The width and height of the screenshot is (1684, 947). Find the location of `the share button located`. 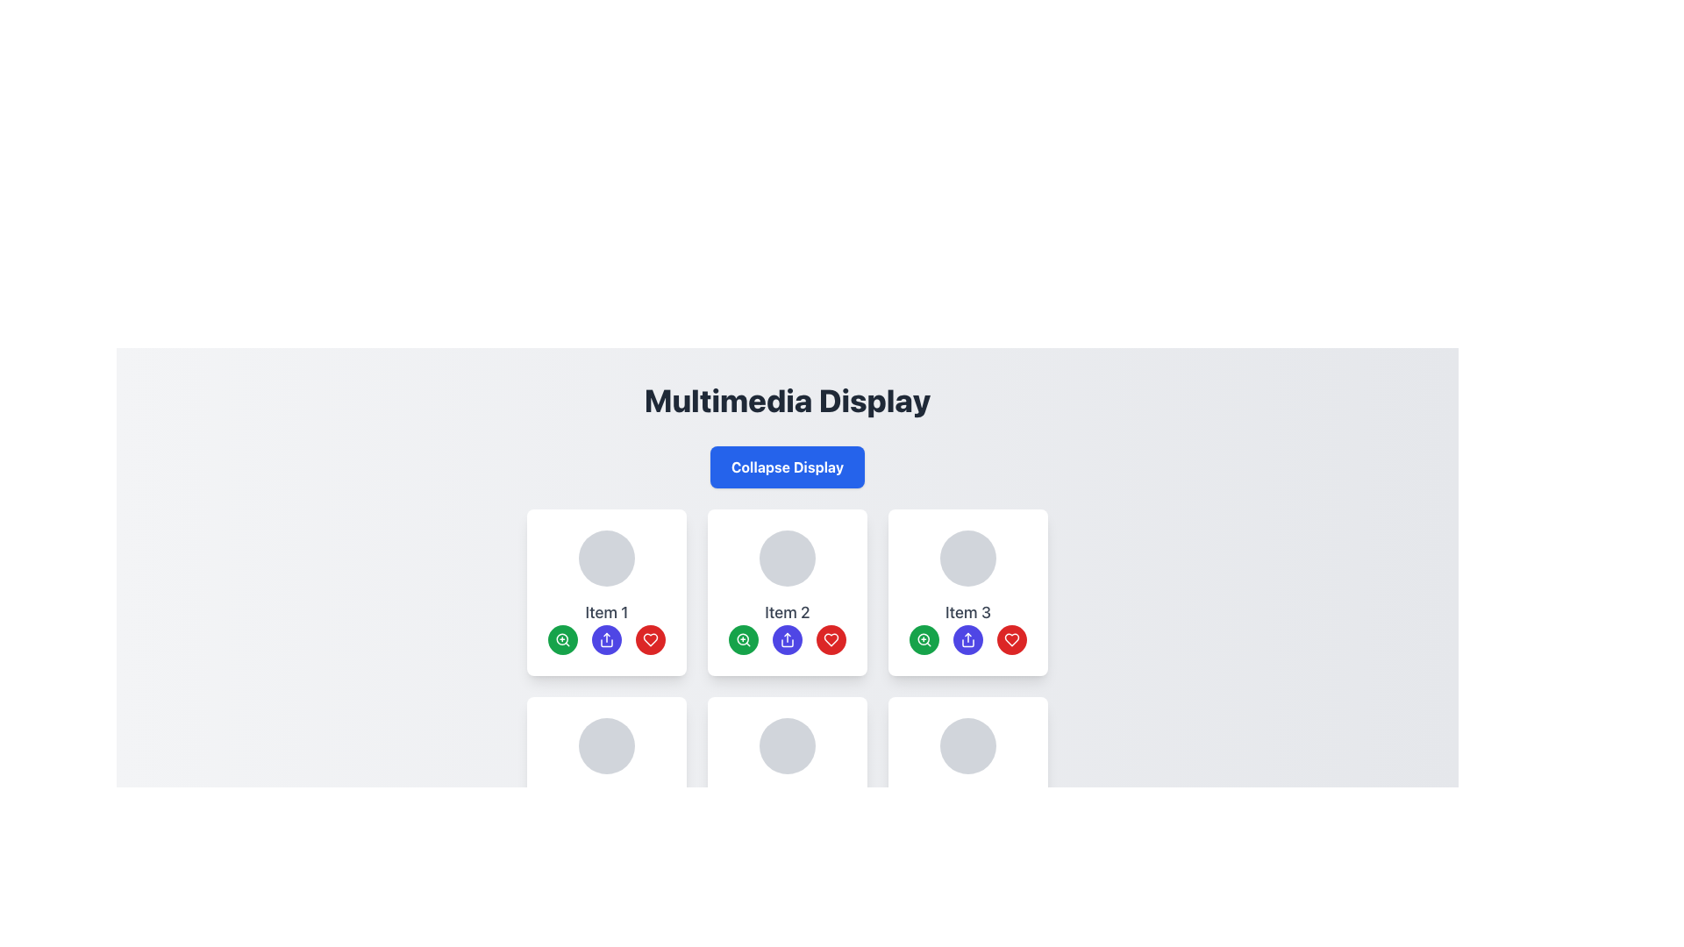

the share button located is located at coordinates (606, 639).